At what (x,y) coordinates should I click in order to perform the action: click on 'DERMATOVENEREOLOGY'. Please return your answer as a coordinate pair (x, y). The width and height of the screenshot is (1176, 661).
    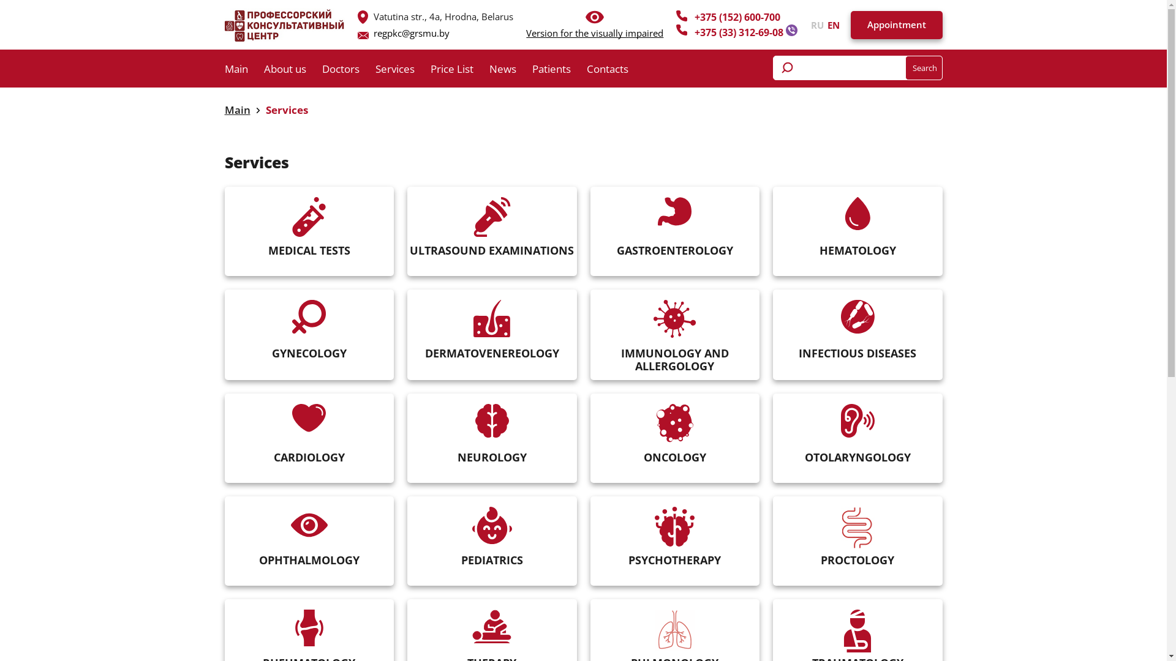
    Looking at the image, I should click on (408, 335).